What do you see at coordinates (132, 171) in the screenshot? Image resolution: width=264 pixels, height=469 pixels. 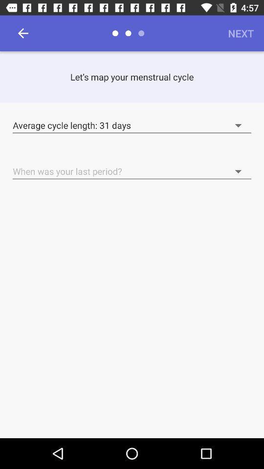 I see `the text field with a text when was your last period with dropdown button on a page` at bounding box center [132, 171].